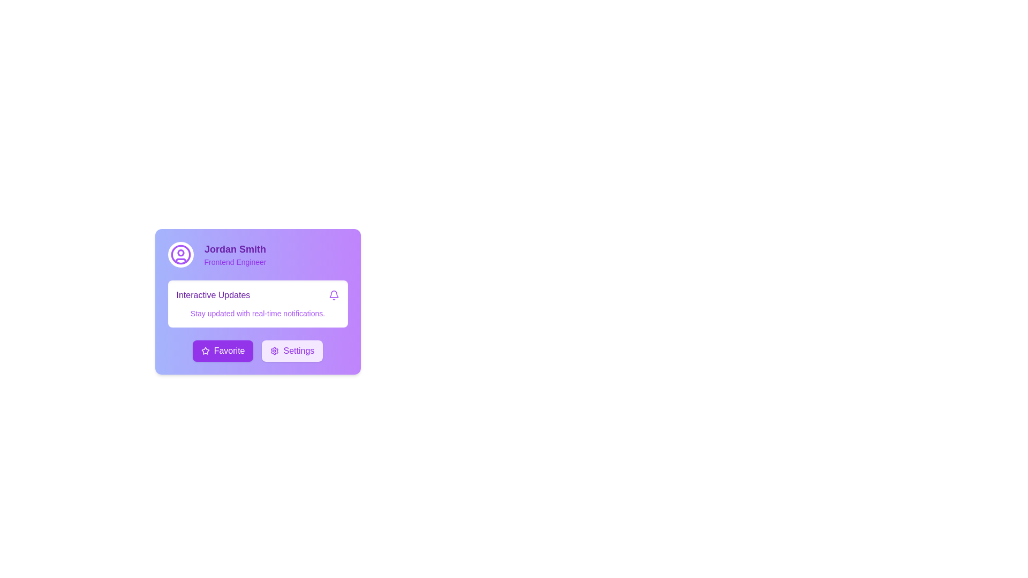 This screenshot has width=1028, height=578. What do you see at coordinates (180, 254) in the screenshot?
I see `the user profile icon represented as a purple circle with a user silhouette, located in the top-left corner of the card adjacent to 'Jordan Smith' and 'Frontend Engineer'` at bounding box center [180, 254].